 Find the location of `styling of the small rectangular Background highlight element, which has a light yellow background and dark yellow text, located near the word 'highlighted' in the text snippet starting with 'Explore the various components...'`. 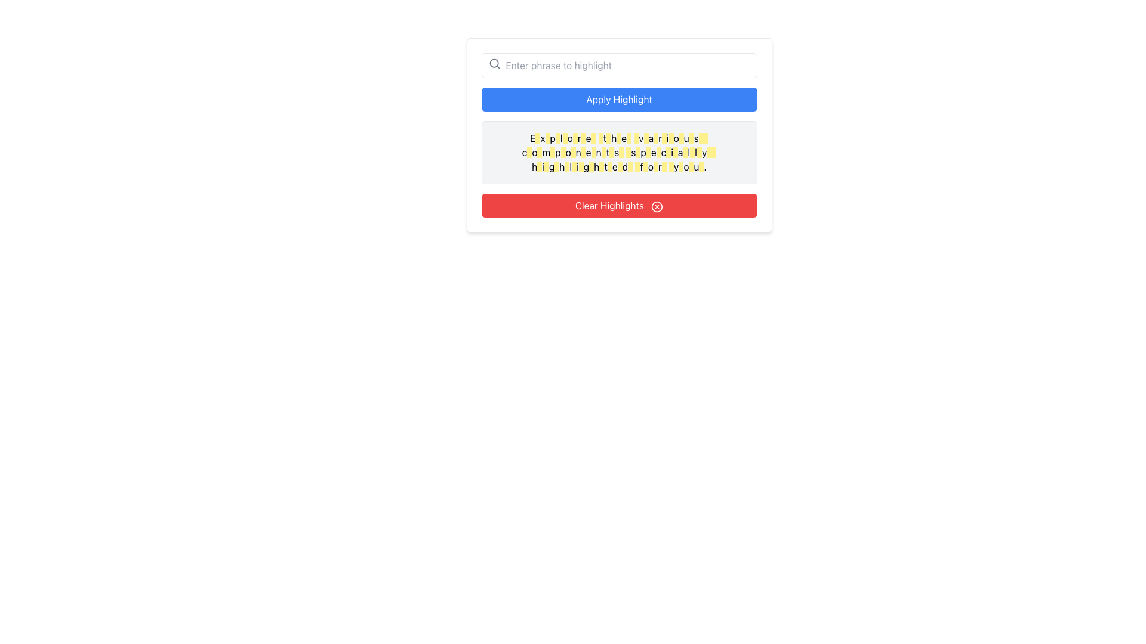

styling of the small rectangular Background highlight element, which has a light yellow background and dark yellow text, located near the word 'highlighted' in the text snippet starting with 'Explore the various components...' is located at coordinates (574, 167).